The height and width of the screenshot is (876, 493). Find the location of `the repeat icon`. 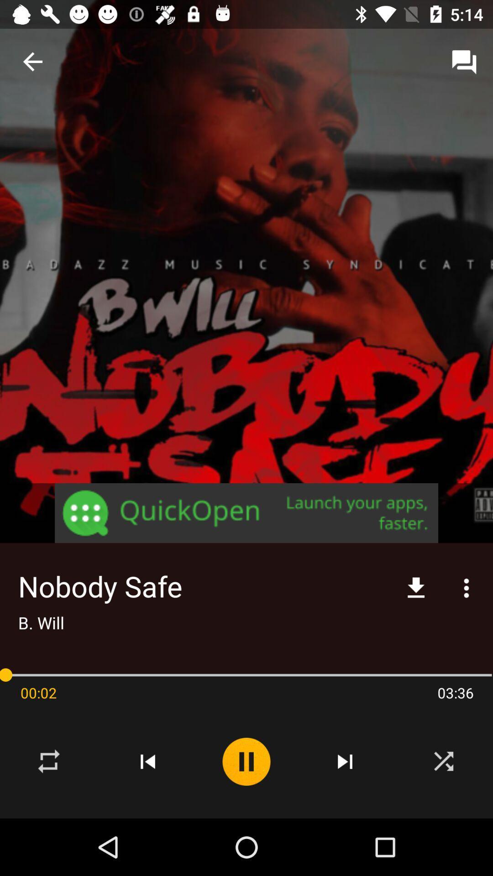

the repeat icon is located at coordinates (49, 761).